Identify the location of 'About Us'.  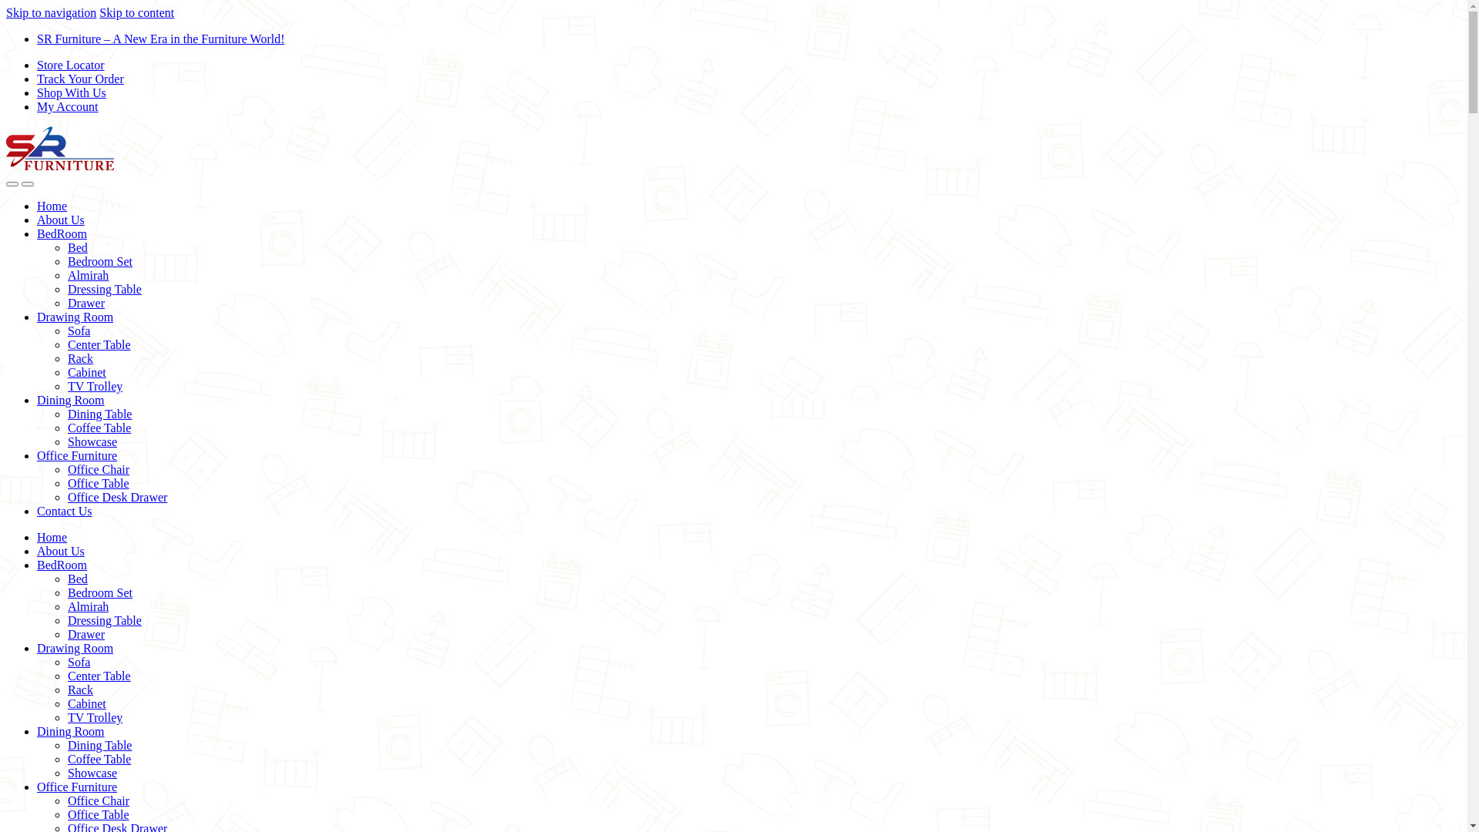
(60, 550).